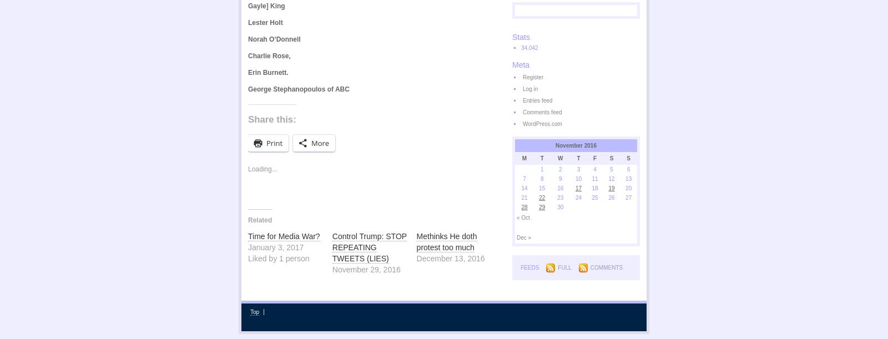 The width and height of the screenshot is (888, 339). I want to click on '10', so click(578, 178).